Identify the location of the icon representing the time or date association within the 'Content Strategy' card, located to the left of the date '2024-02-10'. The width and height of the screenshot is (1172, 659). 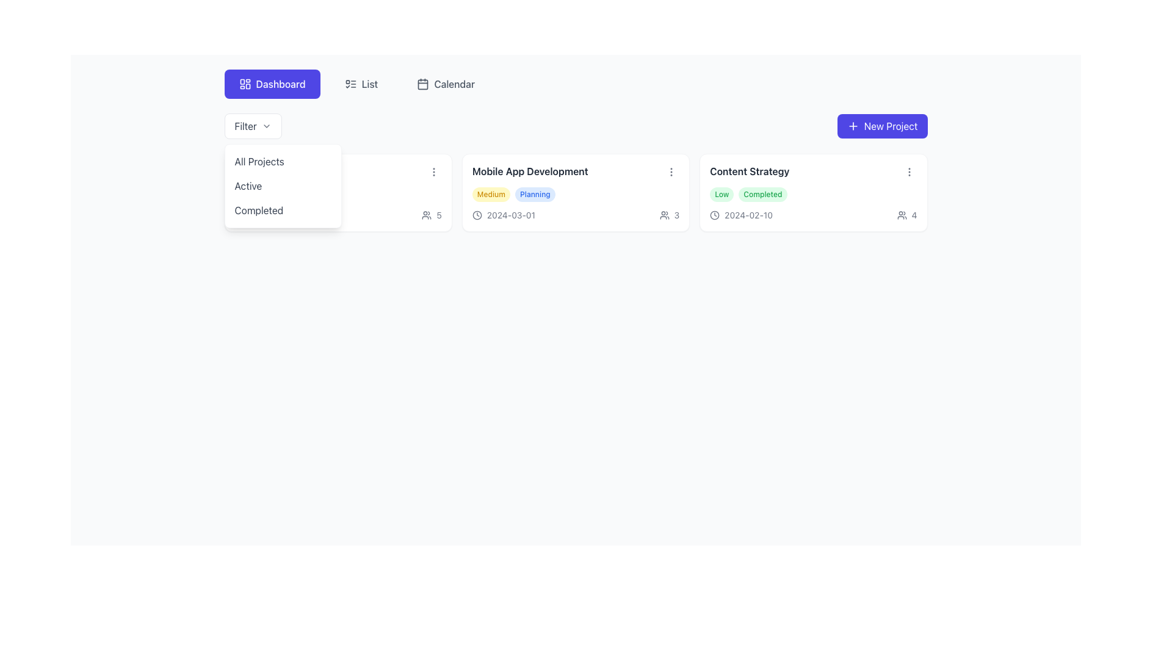
(715, 215).